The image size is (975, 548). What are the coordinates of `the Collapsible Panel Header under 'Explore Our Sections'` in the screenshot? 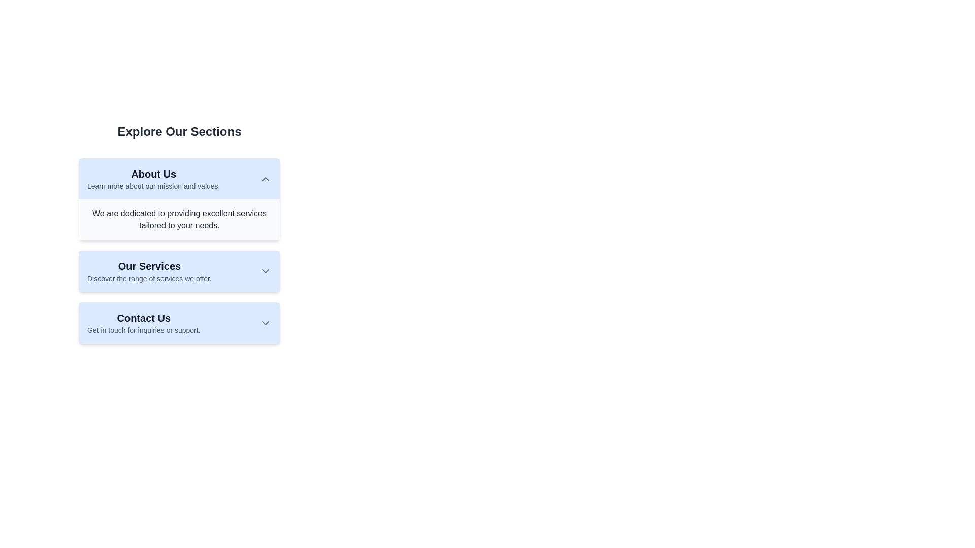 It's located at (179, 179).